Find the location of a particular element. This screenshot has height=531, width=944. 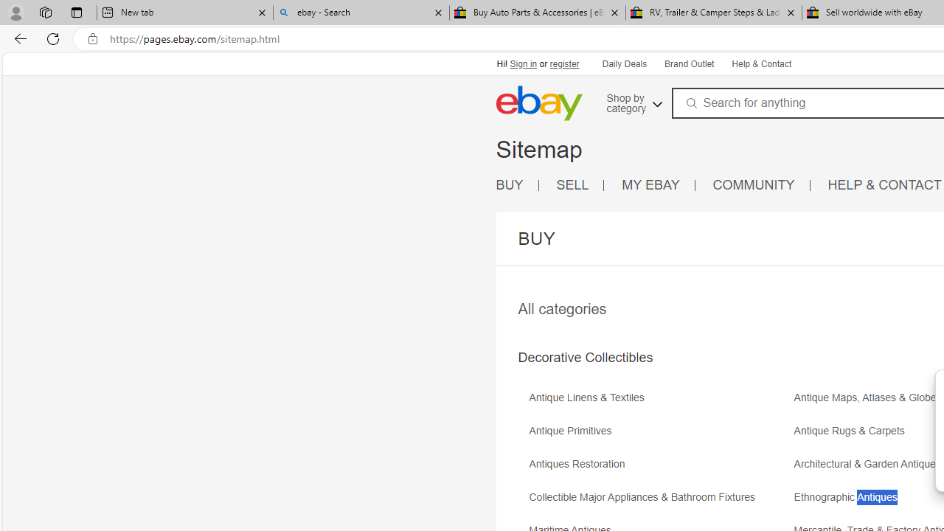

'Shop by category' is located at coordinates (633, 100).